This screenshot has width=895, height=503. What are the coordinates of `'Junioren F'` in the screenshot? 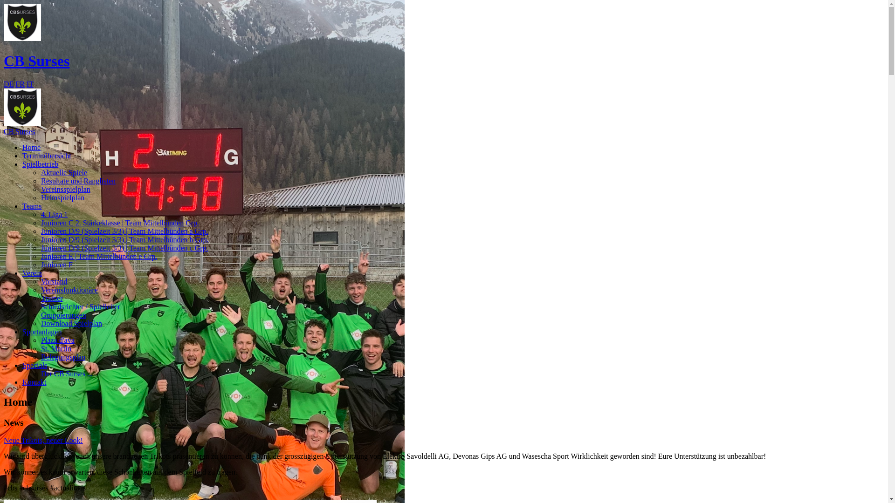 It's located at (56, 265).